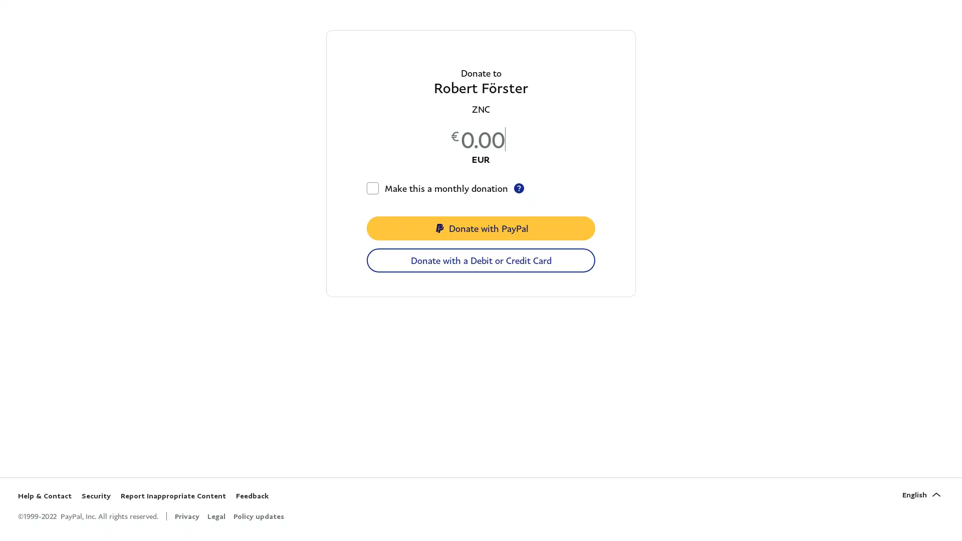 The width and height of the screenshot is (962, 541). What do you see at coordinates (575, 509) in the screenshot?
I see `Yes, Accept Cookies` at bounding box center [575, 509].